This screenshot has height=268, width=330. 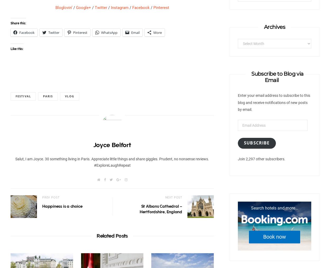 I want to click on 'Subscribe to Blog via Email', so click(x=251, y=77).